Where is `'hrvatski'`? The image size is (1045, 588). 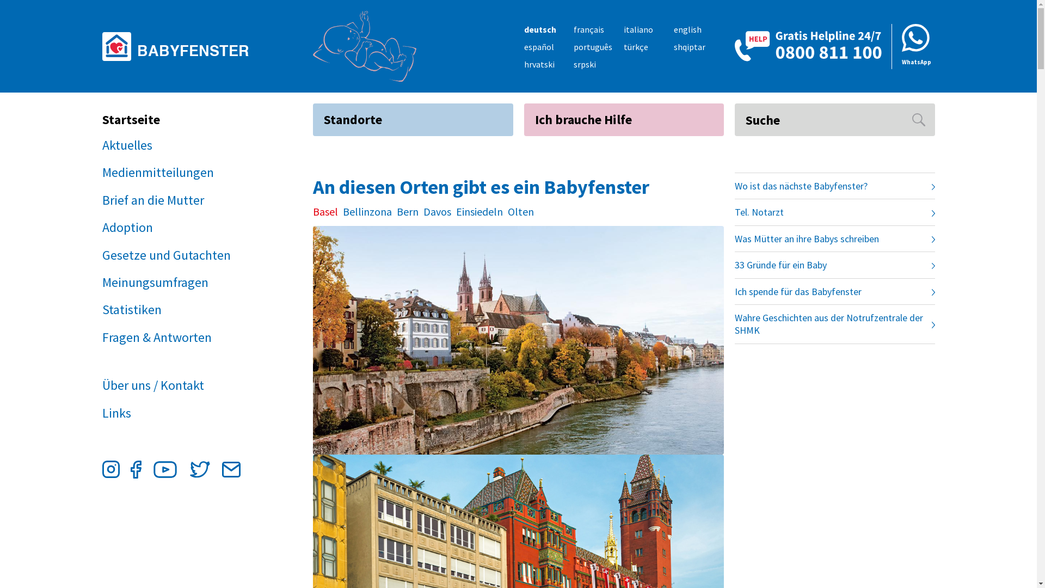 'hrvatski' is located at coordinates (523, 64).